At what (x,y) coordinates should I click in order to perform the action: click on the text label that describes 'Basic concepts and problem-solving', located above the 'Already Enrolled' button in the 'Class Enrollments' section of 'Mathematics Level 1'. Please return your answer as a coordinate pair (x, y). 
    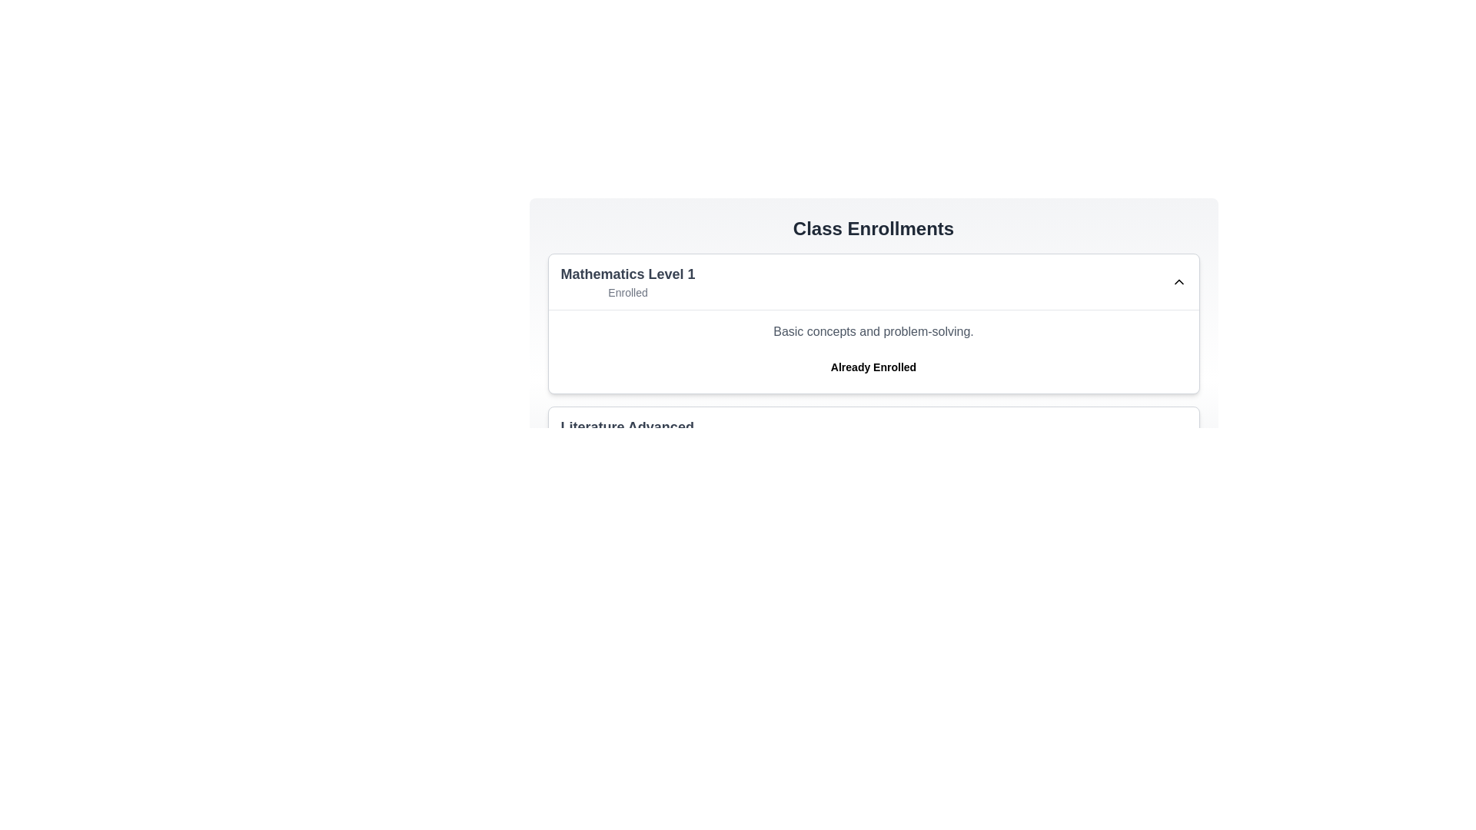
    Looking at the image, I should click on (873, 331).